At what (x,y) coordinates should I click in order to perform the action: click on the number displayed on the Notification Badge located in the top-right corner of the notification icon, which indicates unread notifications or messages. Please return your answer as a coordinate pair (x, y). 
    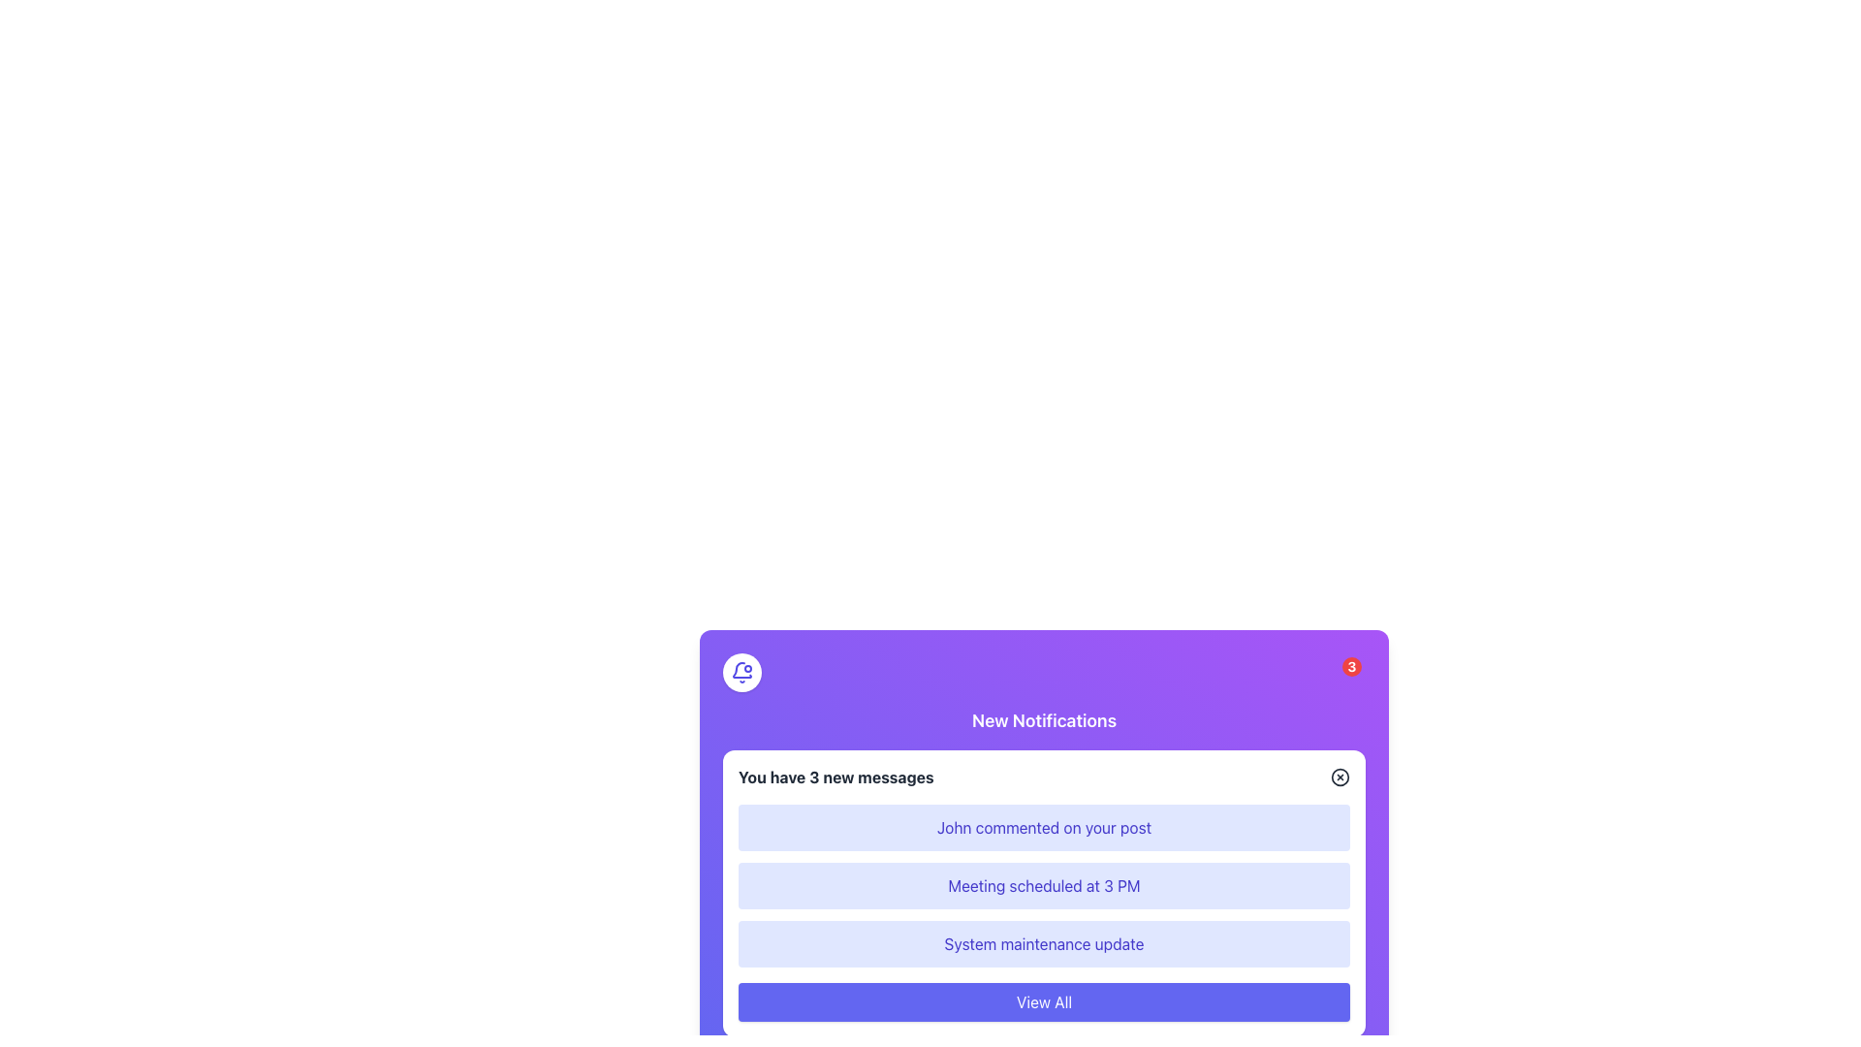
    Looking at the image, I should click on (1351, 665).